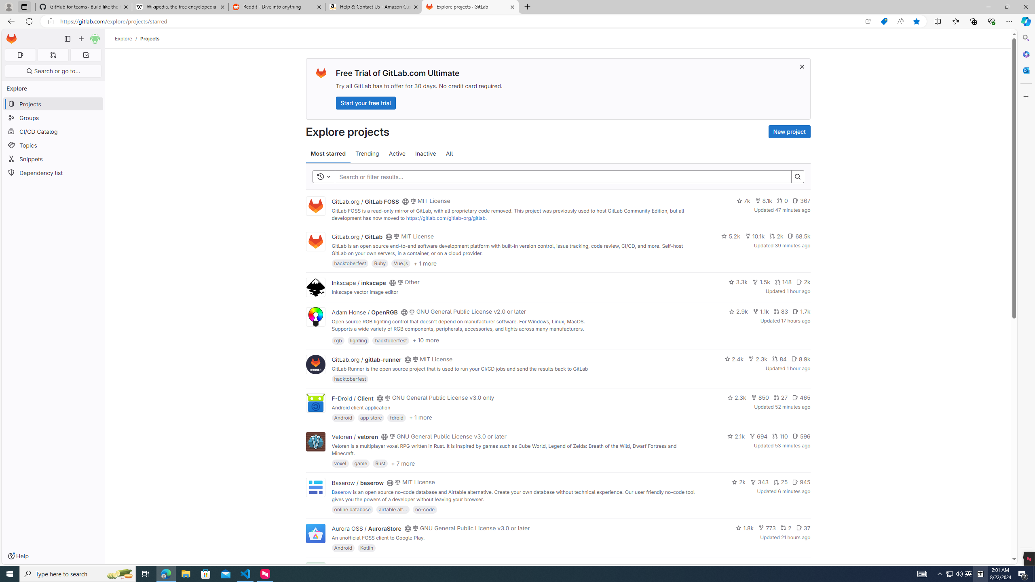 Image resolution: width=1035 pixels, height=582 pixels. Describe the element at coordinates (53, 145) in the screenshot. I see `'Topics'` at that location.